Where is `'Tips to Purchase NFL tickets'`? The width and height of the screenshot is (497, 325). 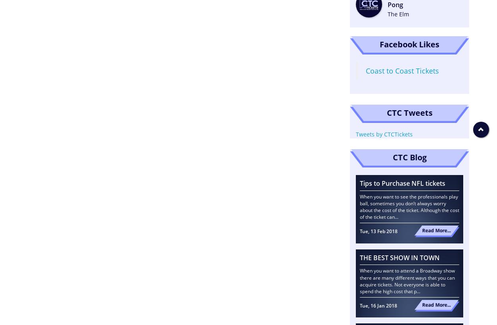
'Tips to Purchase NFL tickets' is located at coordinates (402, 183).